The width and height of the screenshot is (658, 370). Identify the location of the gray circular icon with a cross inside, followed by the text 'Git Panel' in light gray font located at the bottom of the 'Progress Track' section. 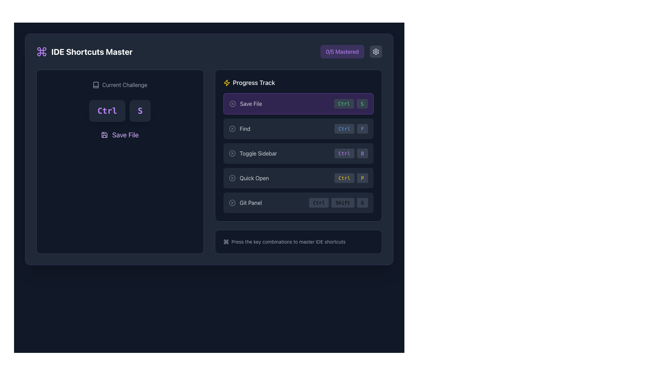
(245, 202).